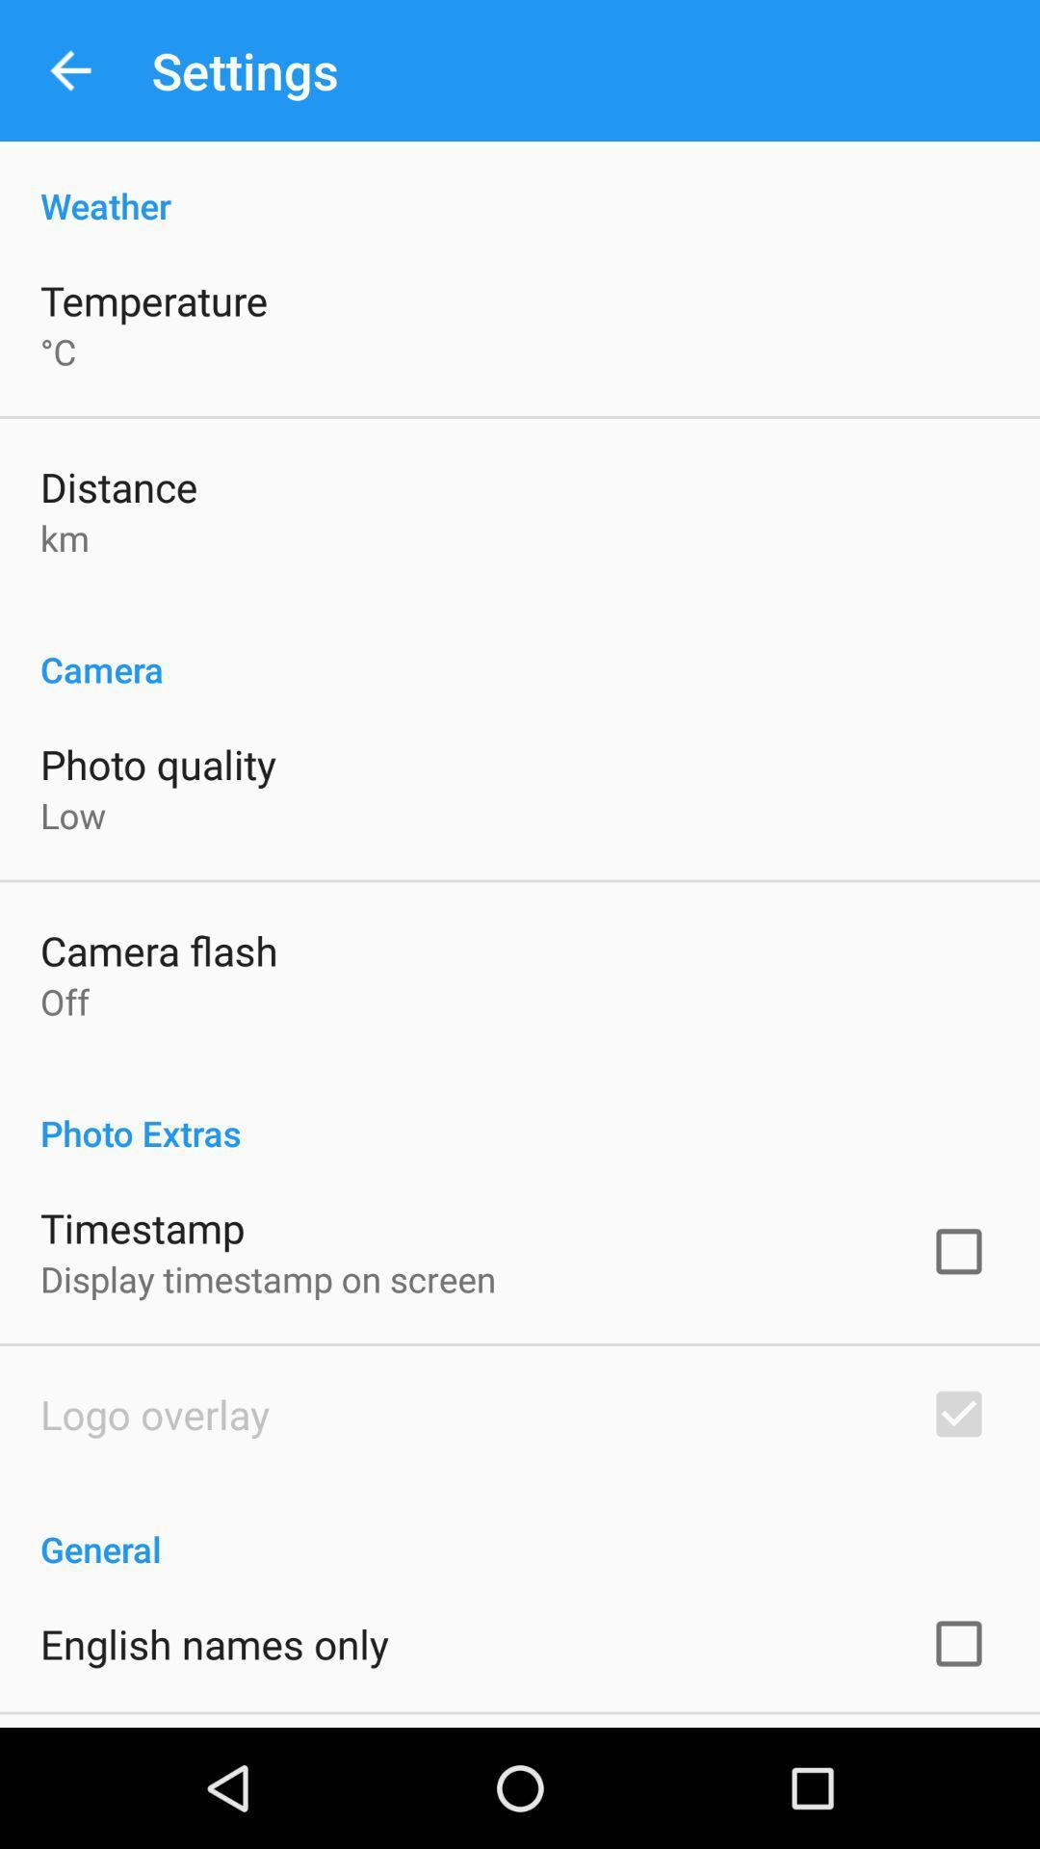 Image resolution: width=1040 pixels, height=1849 pixels. Describe the element at coordinates (69, 70) in the screenshot. I see `the item above the weather icon` at that location.